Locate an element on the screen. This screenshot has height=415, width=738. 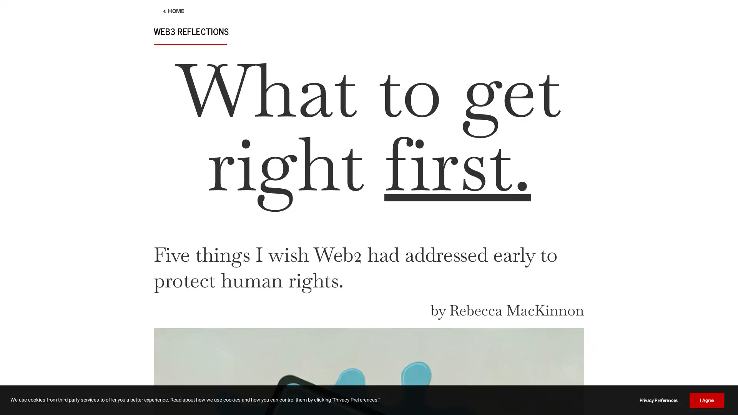
Privacy Preferences is located at coordinates (663, 400).